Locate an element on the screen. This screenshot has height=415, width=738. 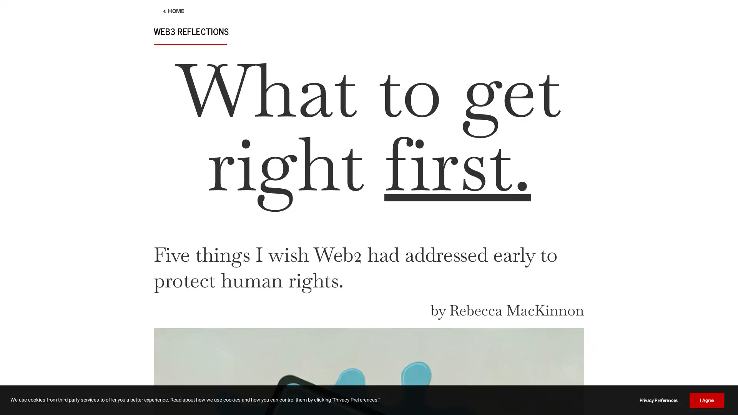
Privacy Preferences is located at coordinates (663, 400).